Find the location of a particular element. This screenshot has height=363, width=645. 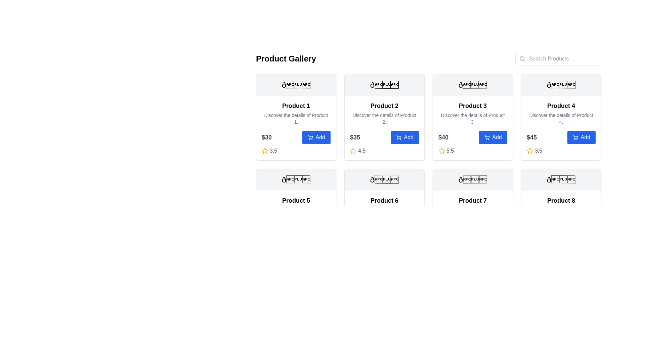

the rating indication by focusing on the first star icon in the rating system located below the '$30' price label for 'Product 1' is located at coordinates (264, 150).